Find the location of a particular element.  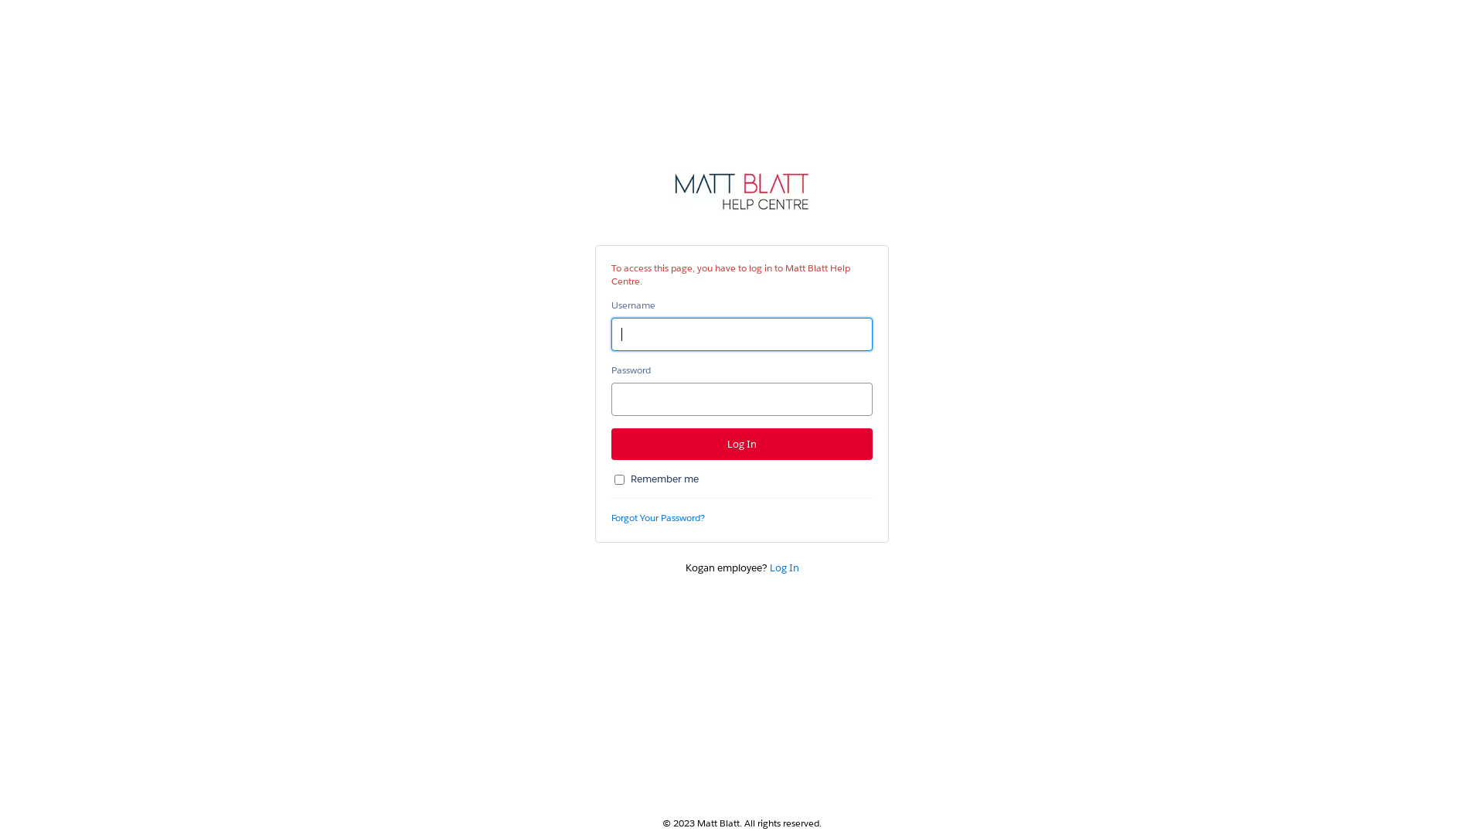

'Log In' is located at coordinates (784, 567).